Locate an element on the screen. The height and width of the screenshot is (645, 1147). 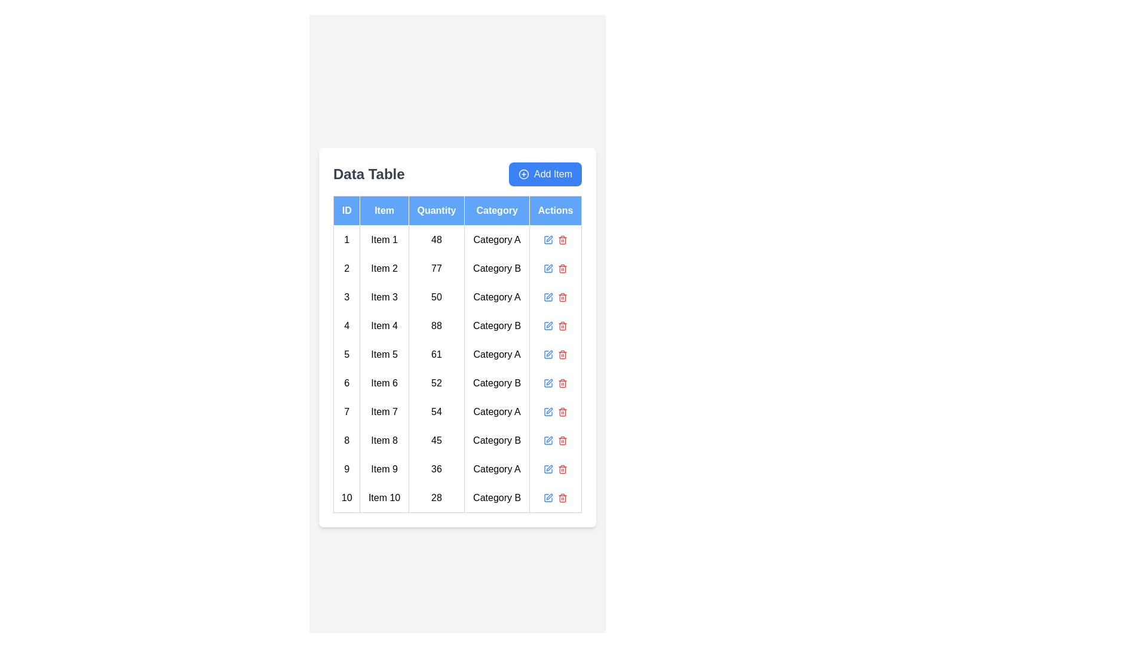
the trash bin icon, which is a red icon located in the rightmost section of the data table rows is located at coordinates (562, 239).